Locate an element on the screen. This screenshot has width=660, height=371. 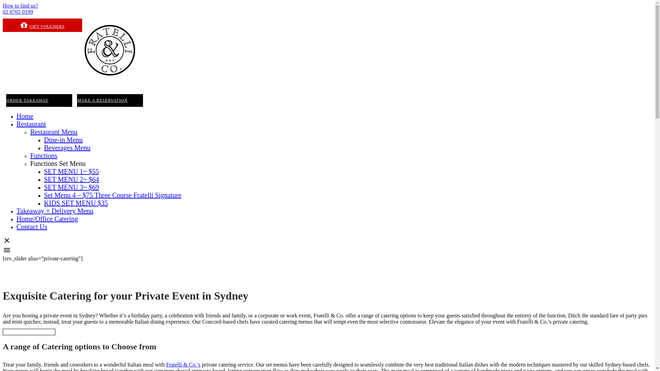
'Restaurant' is located at coordinates (31, 124).